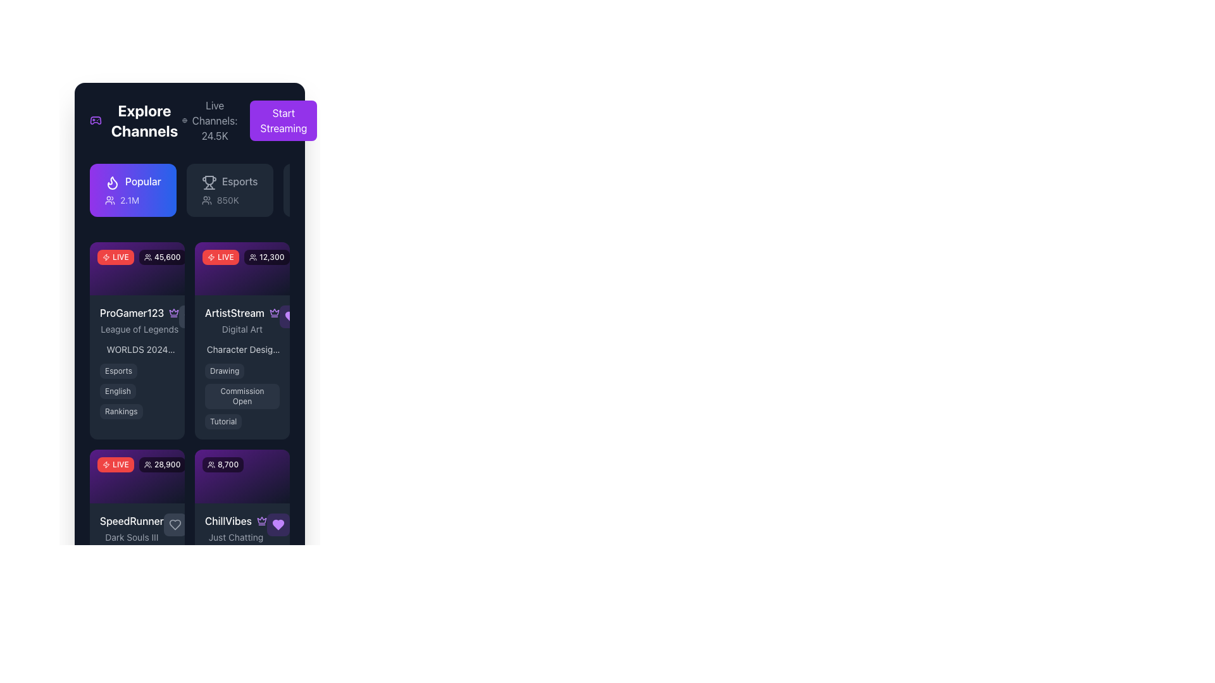  What do you see at coordinates (137, 390) in the screenshot?
I see `the 'English' text label located below the 'WORLDS 2024 PRACTICE! | !discord !merch' label to navigate to related sections` at bounding box center [137, 390].